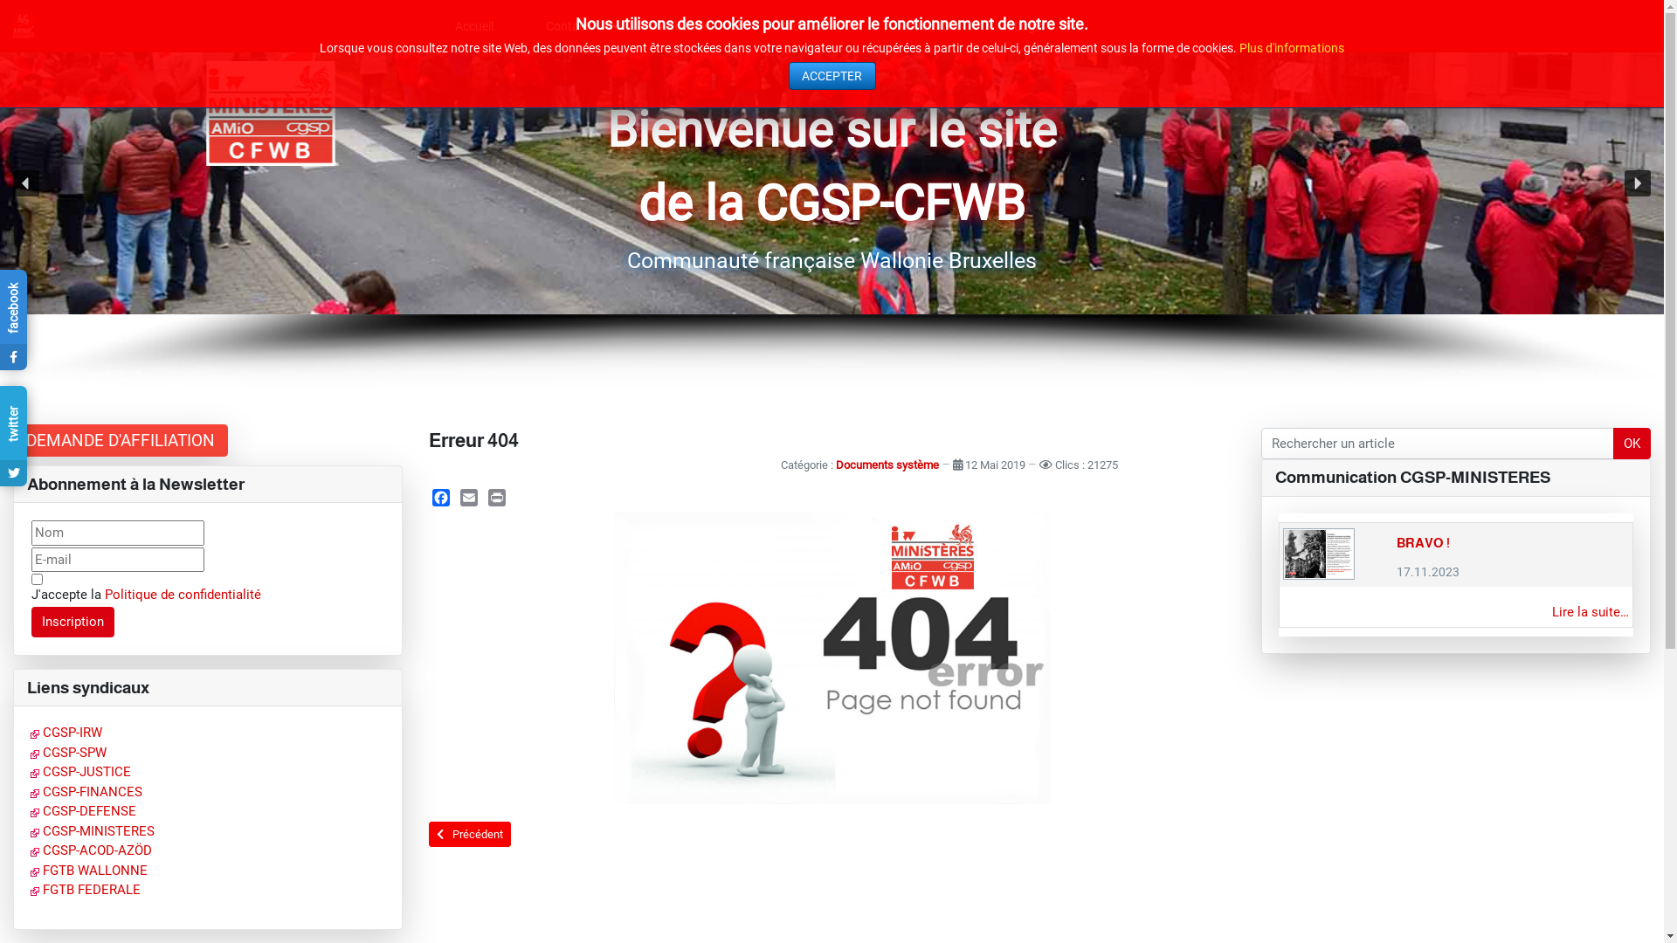 This screenshot has height=943, width=1677. What do you see at coordinates (631, 26) in the screenshot?
I see `'Affiliation'` at bounding box center [631, 26].